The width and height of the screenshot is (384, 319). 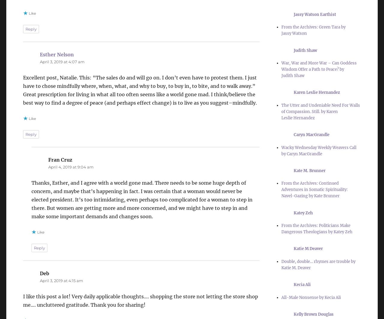 I want to click on 'Wacky Wednesday Weekly Weavers Call by Caryn MacGrandle', so click(x=318, y=150).